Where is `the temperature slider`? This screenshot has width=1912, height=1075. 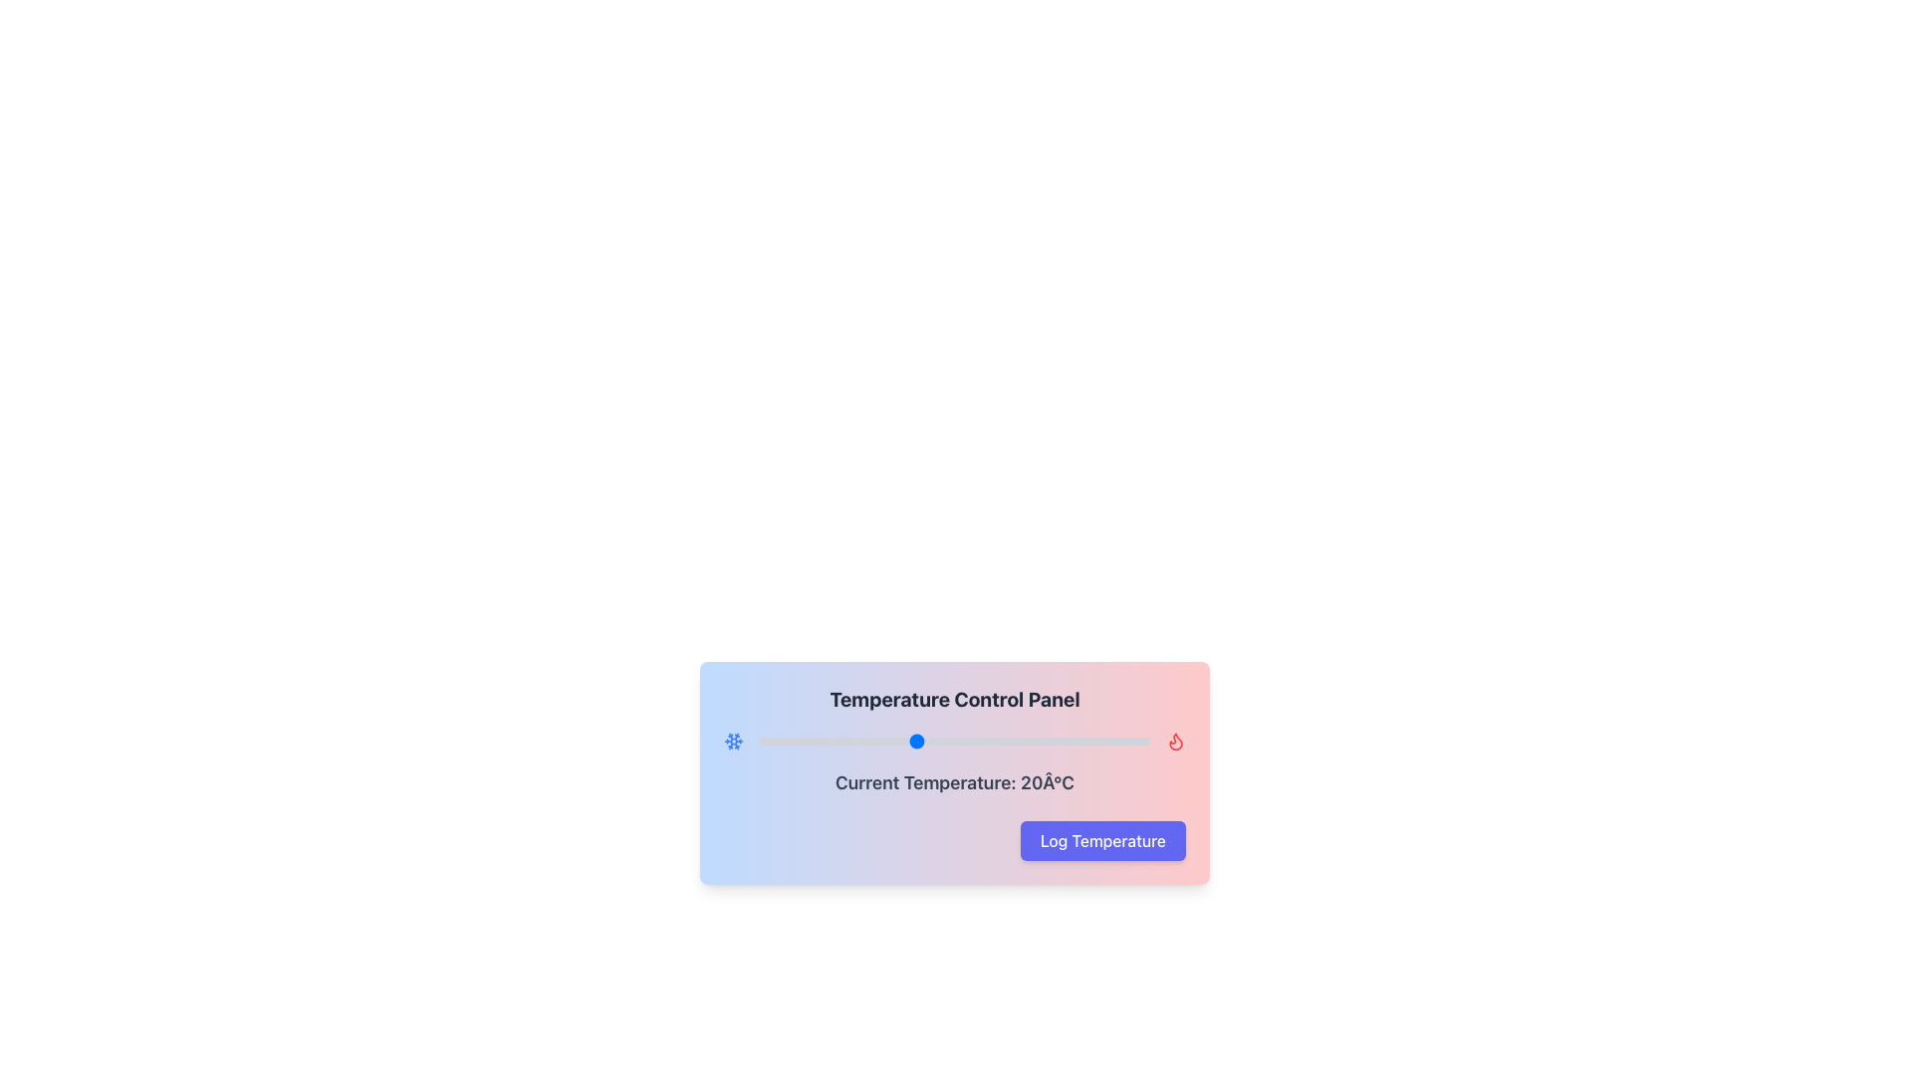
the temperature slider is located at coordinates (1032, 741).